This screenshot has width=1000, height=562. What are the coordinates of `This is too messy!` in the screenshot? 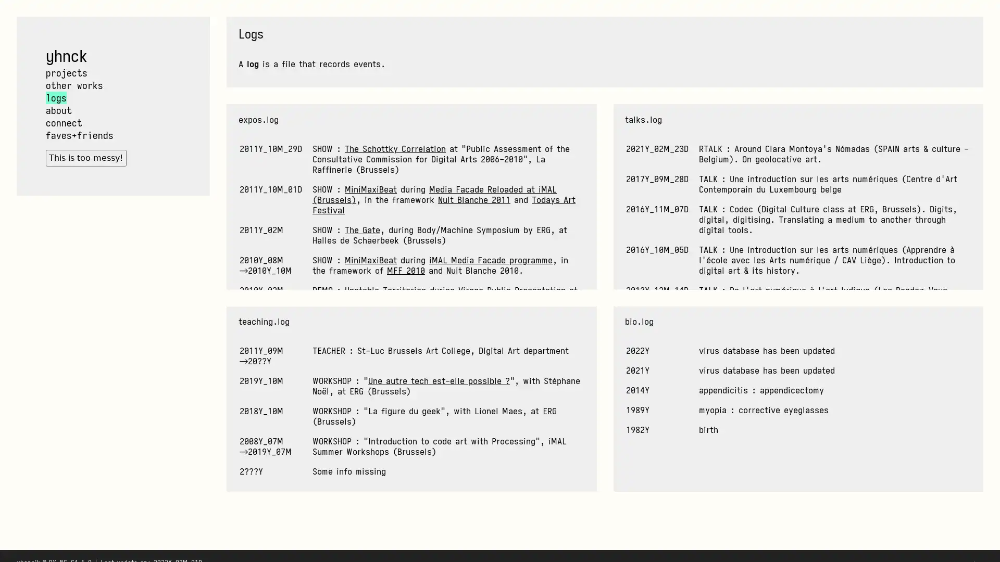 It's located at (85, 158).